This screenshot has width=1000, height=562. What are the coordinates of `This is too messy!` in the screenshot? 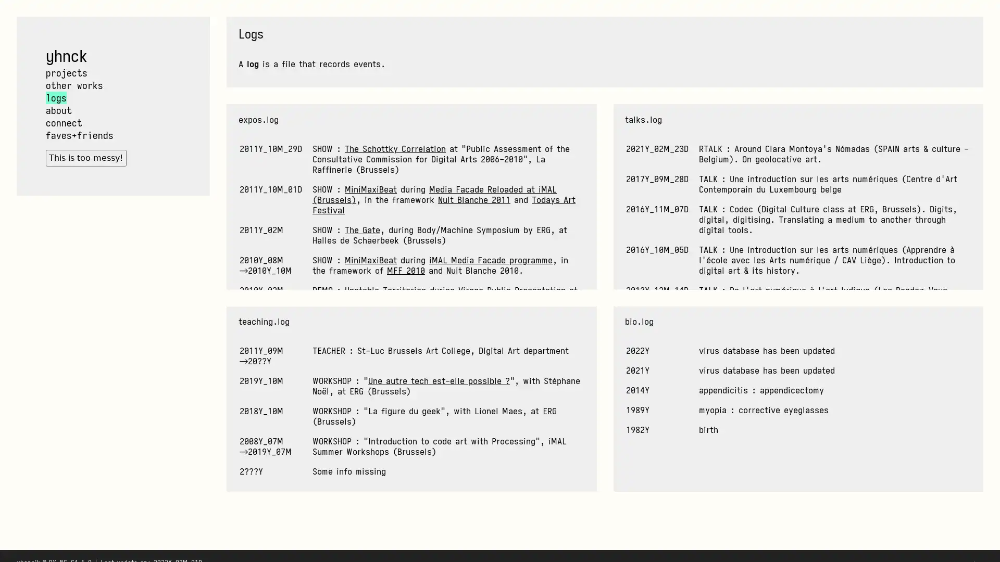 It's located at (85, 158).